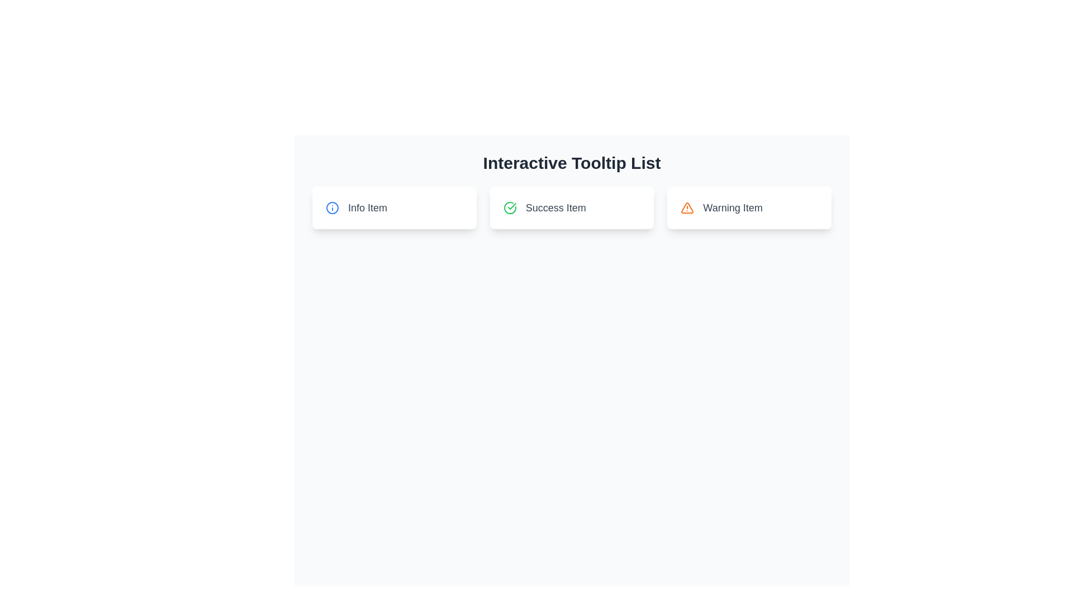 The height and width of the screenshot is (604, 1073). Describe the element at coordinates (749, 207) in the screenshot. I see `message displayed on the warning card with the text 'Warning Item', which is the third card in a row of three in the grid layout` at that location.